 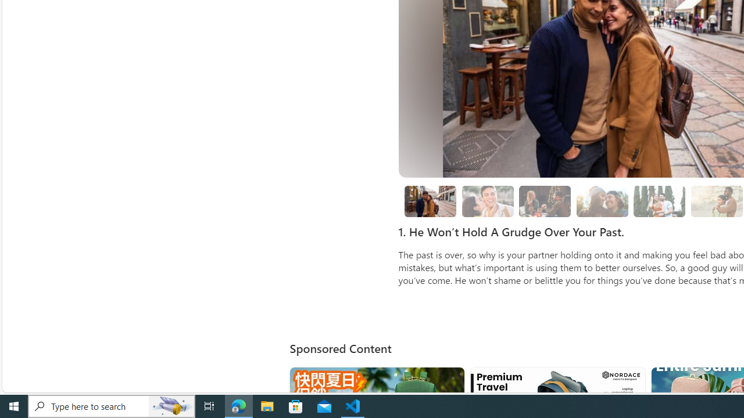 What do you see at coordinates (716, 200) in the screenshot?
I see `'boyfriend holding girlfriend close sunshine'` at bounding box center [716, 200].